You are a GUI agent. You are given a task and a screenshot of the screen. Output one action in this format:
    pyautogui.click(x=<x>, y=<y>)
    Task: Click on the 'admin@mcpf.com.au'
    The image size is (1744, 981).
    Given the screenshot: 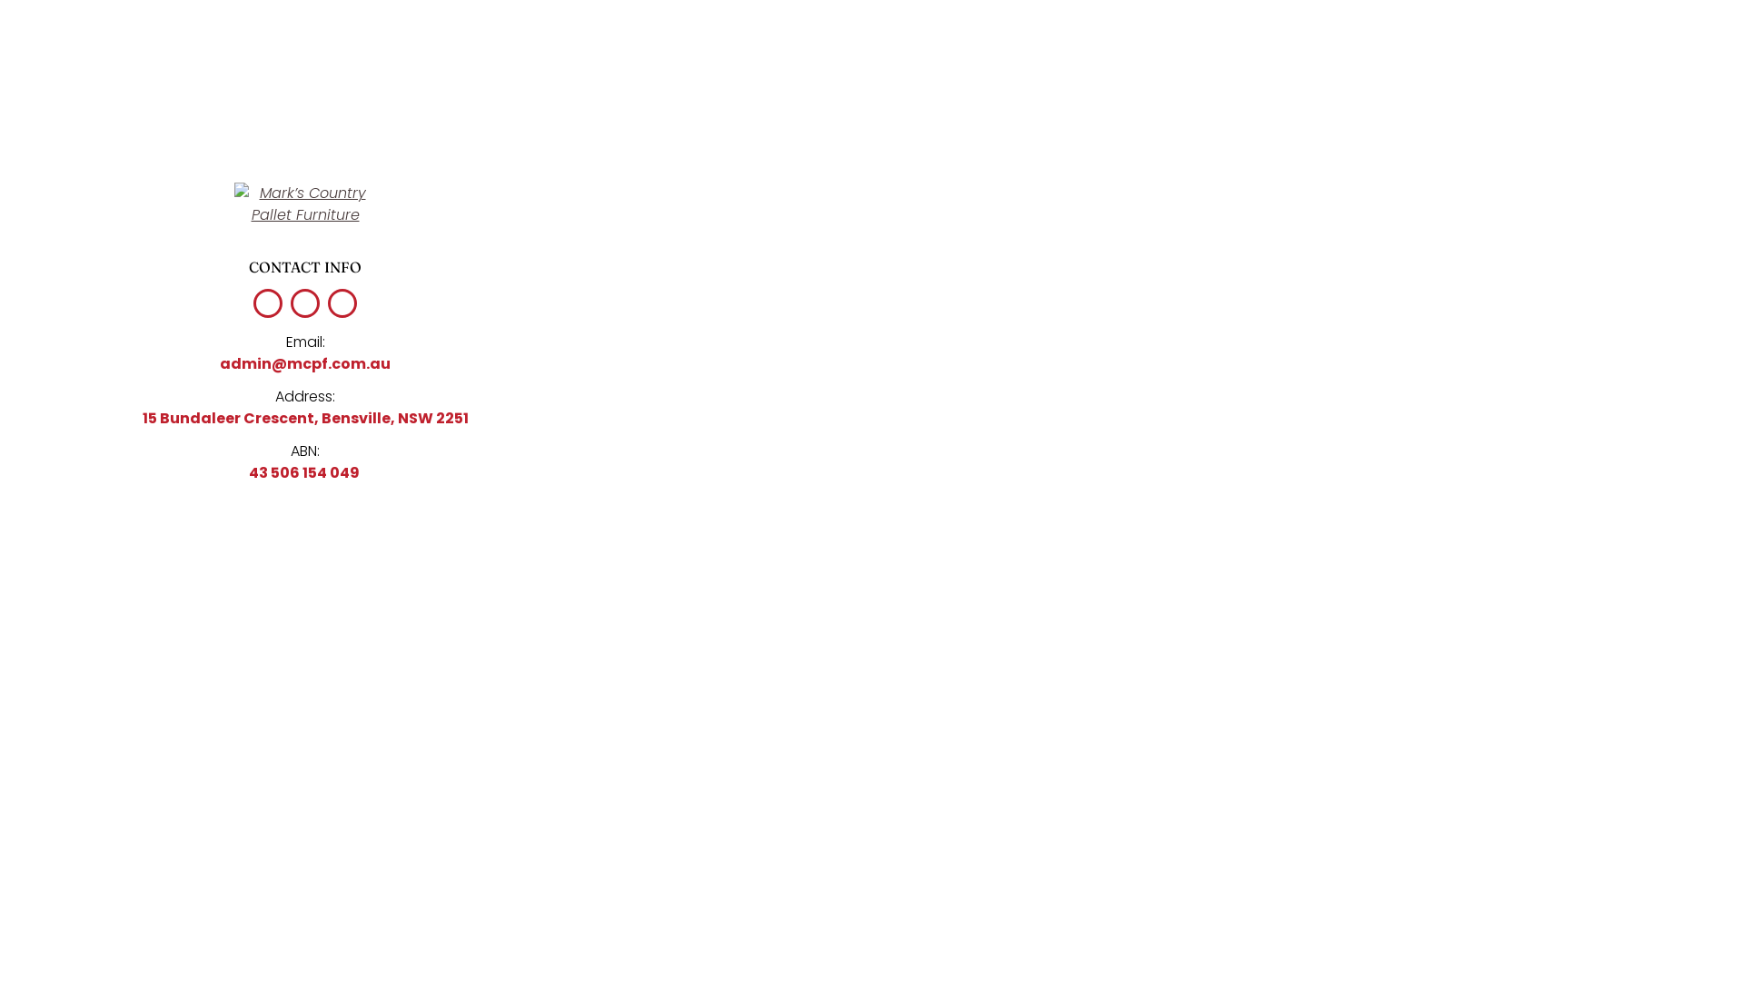 What is the action you would take?
    pyautogui.click(x=305, y=363)
    